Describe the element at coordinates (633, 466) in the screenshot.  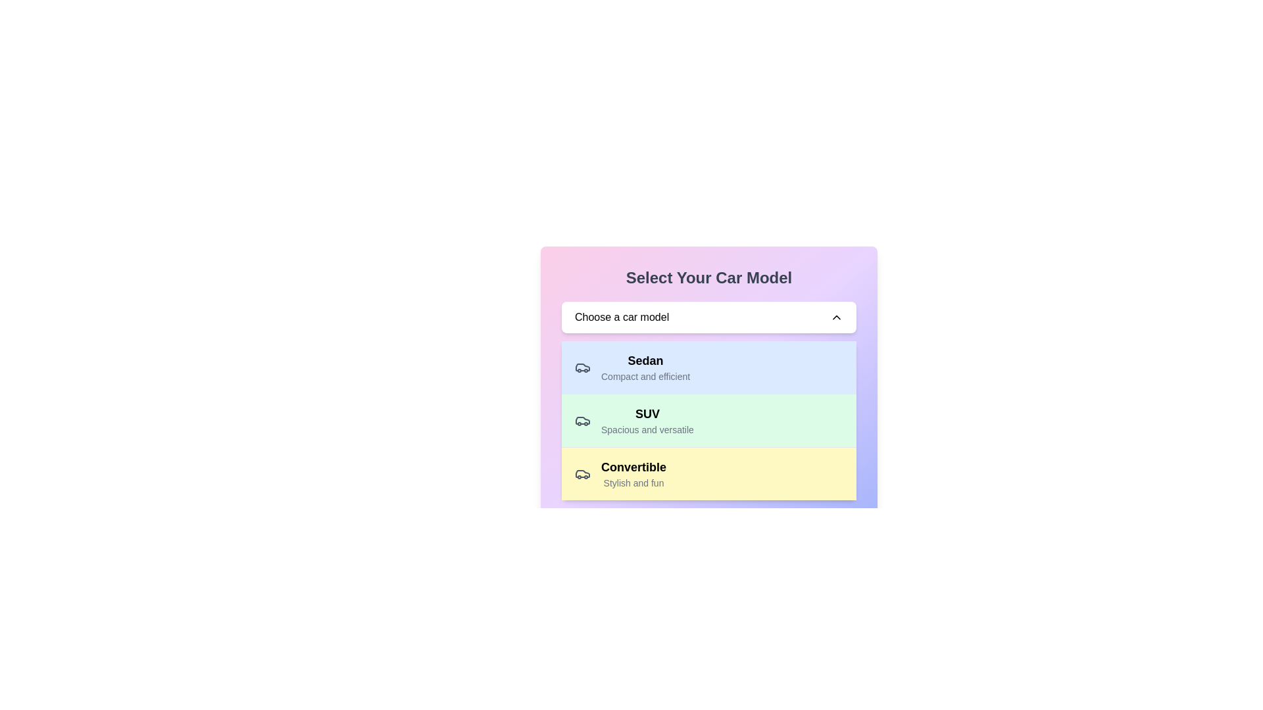
I see `the text label for the 'Convertible' car type, which is located in the yellow section at the bottom of the car types list, above the subtext 'Stylish and fun'` at that location.